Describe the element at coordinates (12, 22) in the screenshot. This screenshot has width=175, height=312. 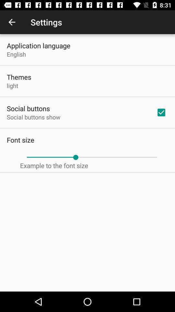
I see `item above the application language icon` at that location.